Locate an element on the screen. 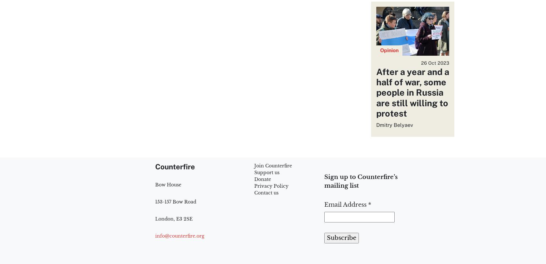 The height and width of the screenshot is (264, 546). 'Sign up to Counterfire’s mailing list' is located at coordinates (361, 181).